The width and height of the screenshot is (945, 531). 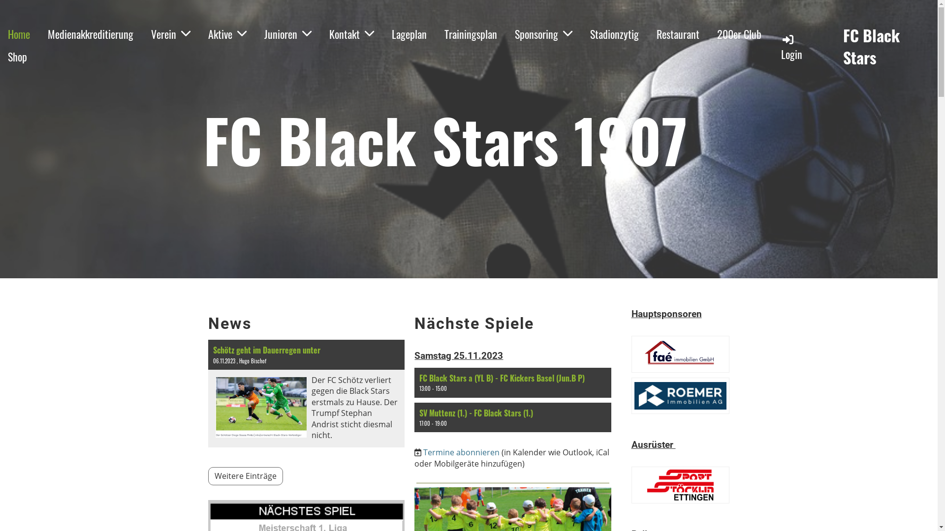 I want to click on 'Verein', so click(x=170, y=33).